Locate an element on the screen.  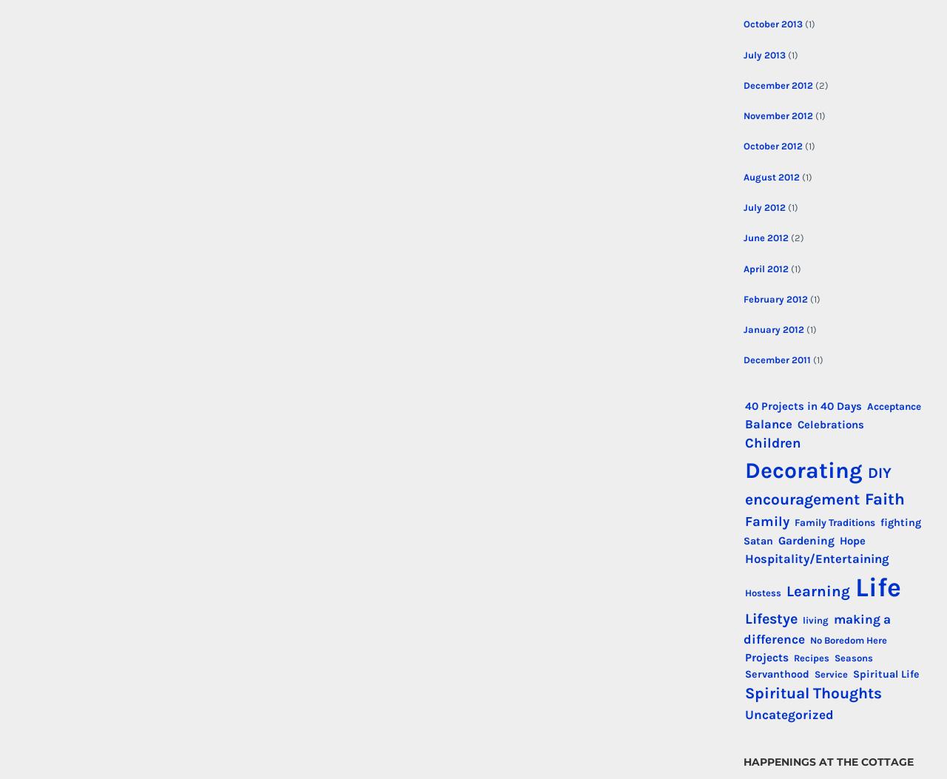
'Spiritual Thoughts' is located at coordinates (812, 692).